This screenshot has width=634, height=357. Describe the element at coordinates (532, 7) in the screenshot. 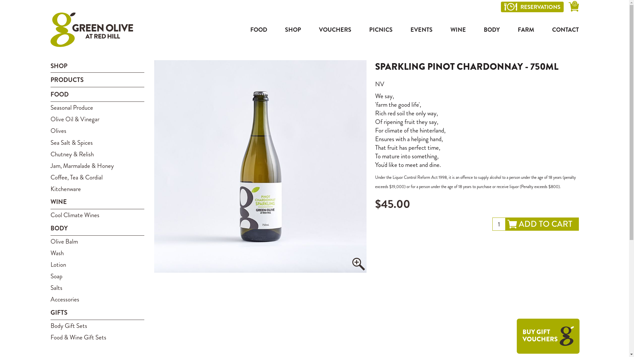

I see `'RESERVATIONS'` at that location.